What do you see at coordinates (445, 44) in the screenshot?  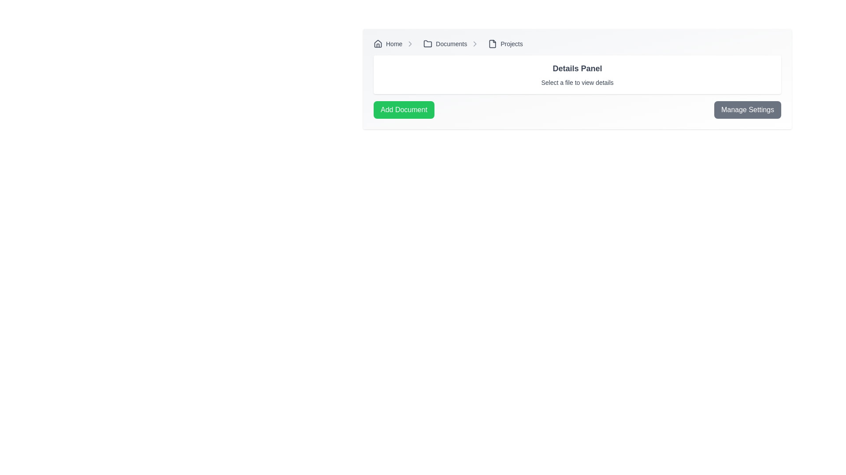 I see `the second item in the breadcrumb navigation bar, which is a clickable link that navigates to the 'Documents' section` at bounding box center [445, 44].